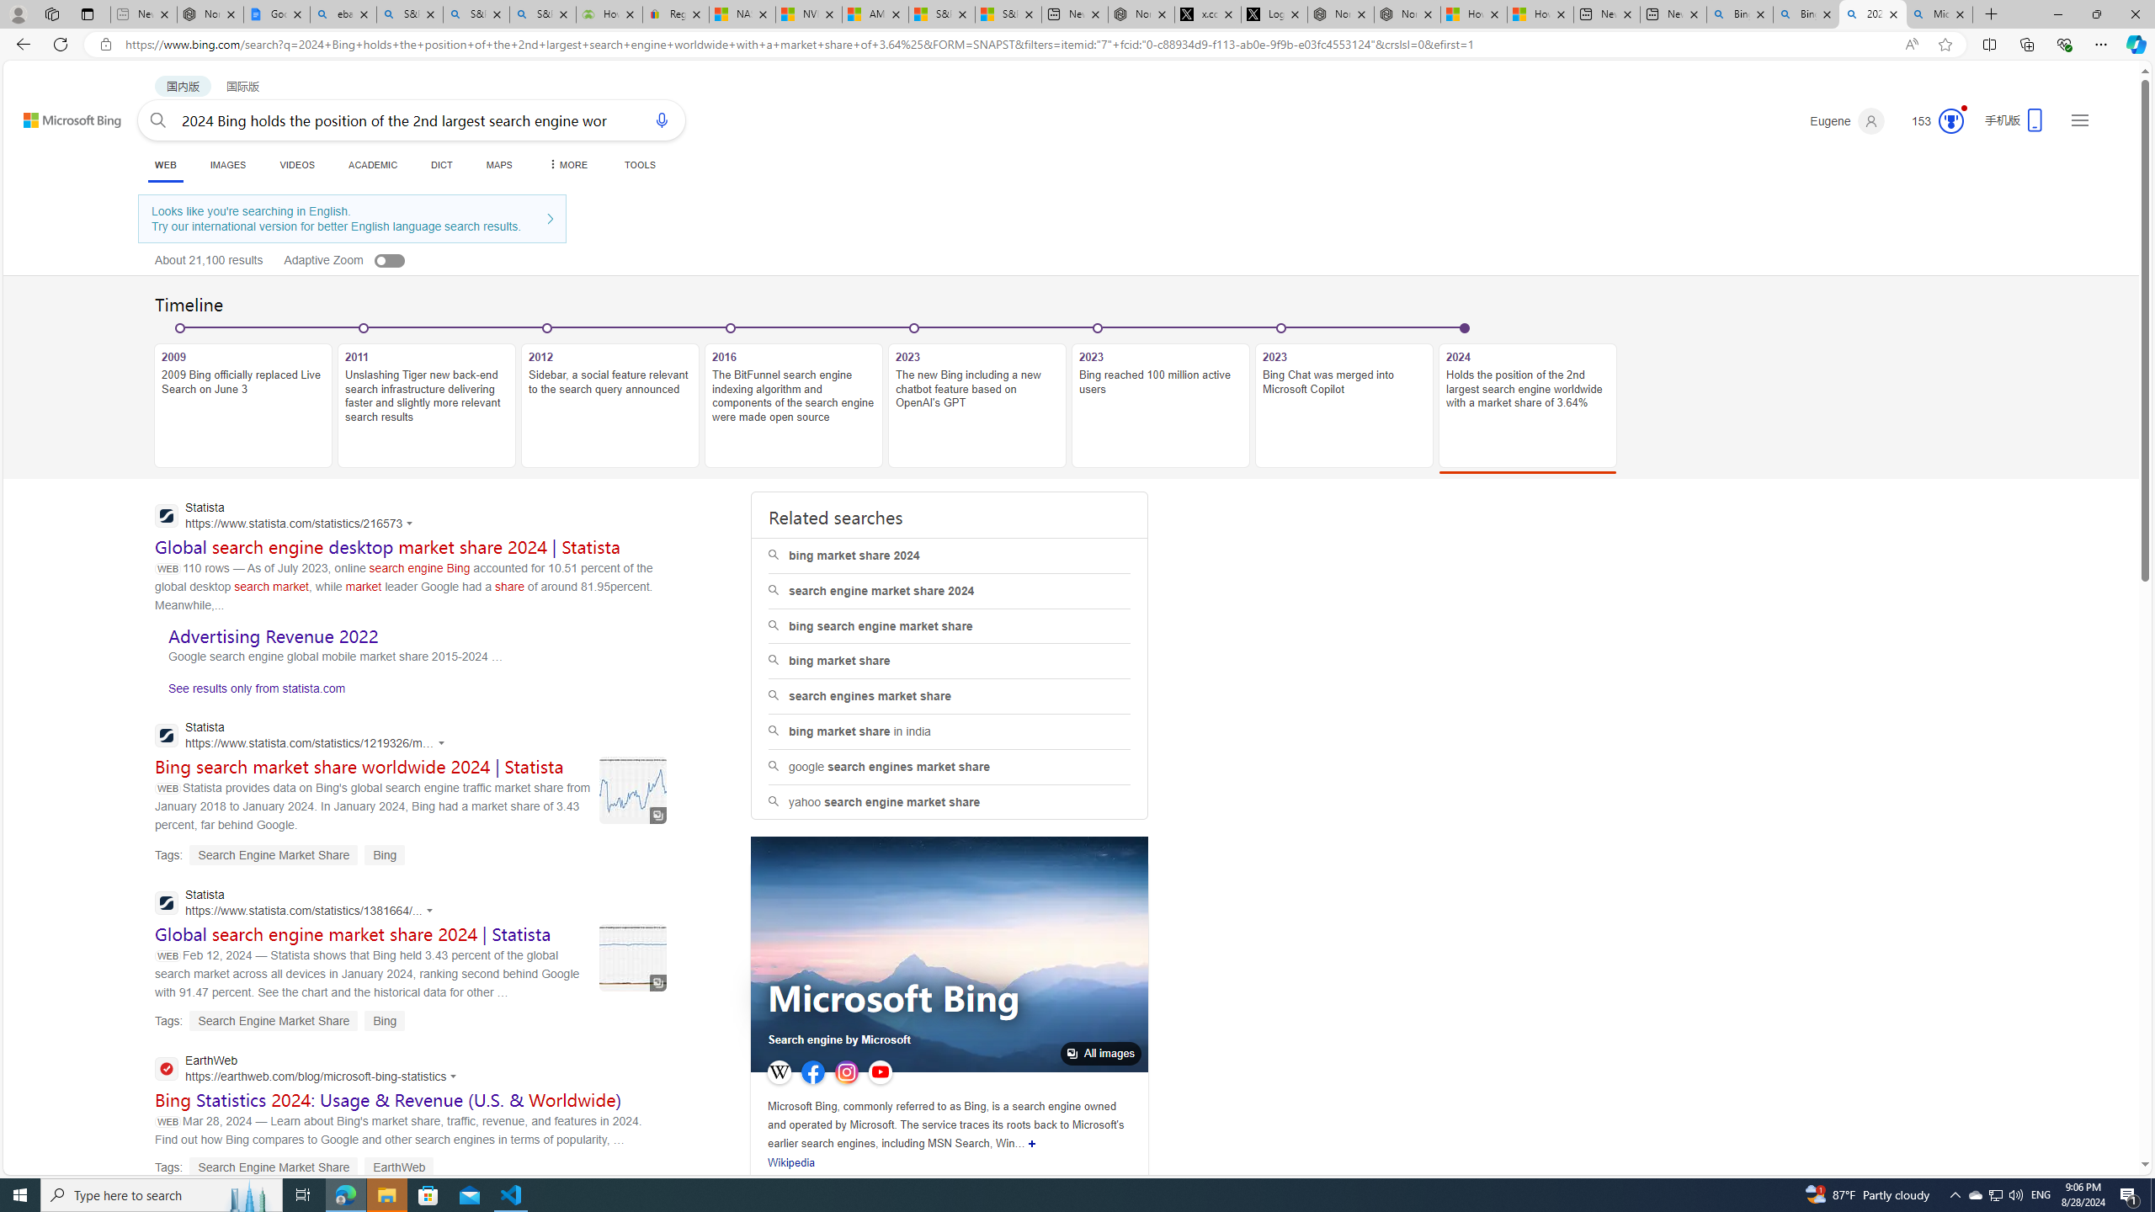 Image resolution: width=2155 pixels, height=1212 pixels. What do you see at coordinates (295, 1167) in the screenshot?
I see `'Tags: Search Engine Market Share EarthWeb'` at bounding box center [295, 1167].